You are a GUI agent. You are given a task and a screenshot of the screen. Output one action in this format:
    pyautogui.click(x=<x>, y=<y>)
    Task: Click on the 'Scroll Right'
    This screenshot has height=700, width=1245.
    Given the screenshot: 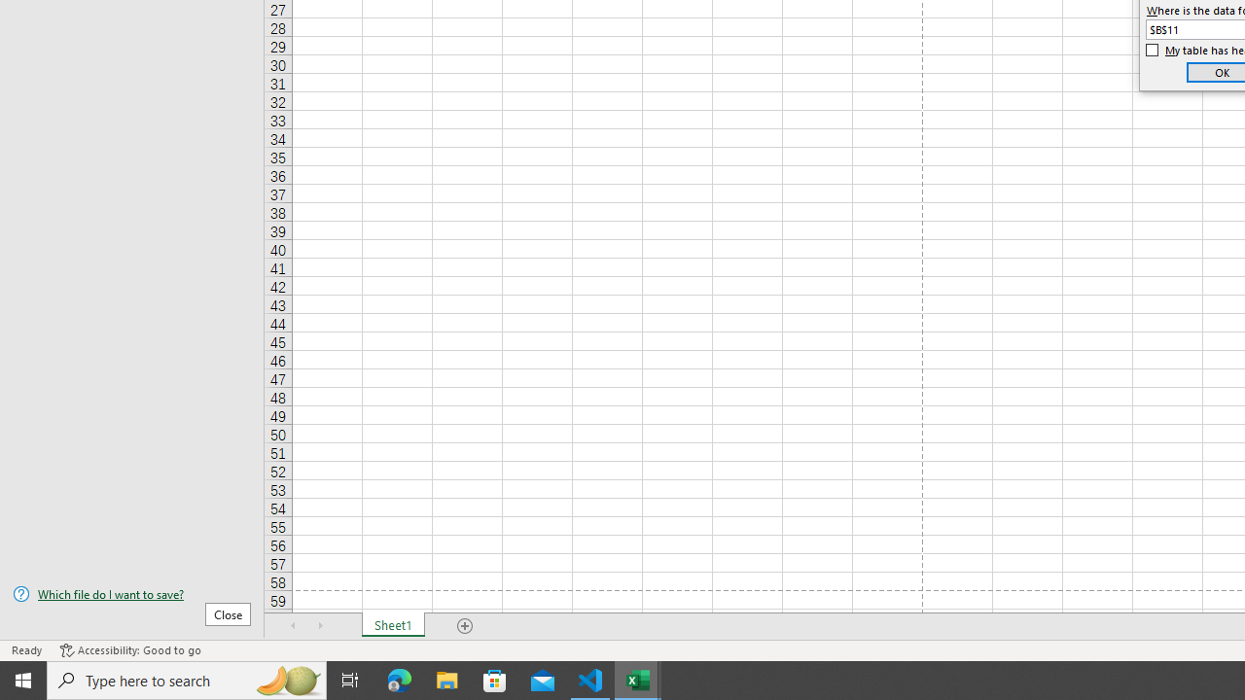 What is the action you would take?
    pyautogui.click(x=321, y=626)
    